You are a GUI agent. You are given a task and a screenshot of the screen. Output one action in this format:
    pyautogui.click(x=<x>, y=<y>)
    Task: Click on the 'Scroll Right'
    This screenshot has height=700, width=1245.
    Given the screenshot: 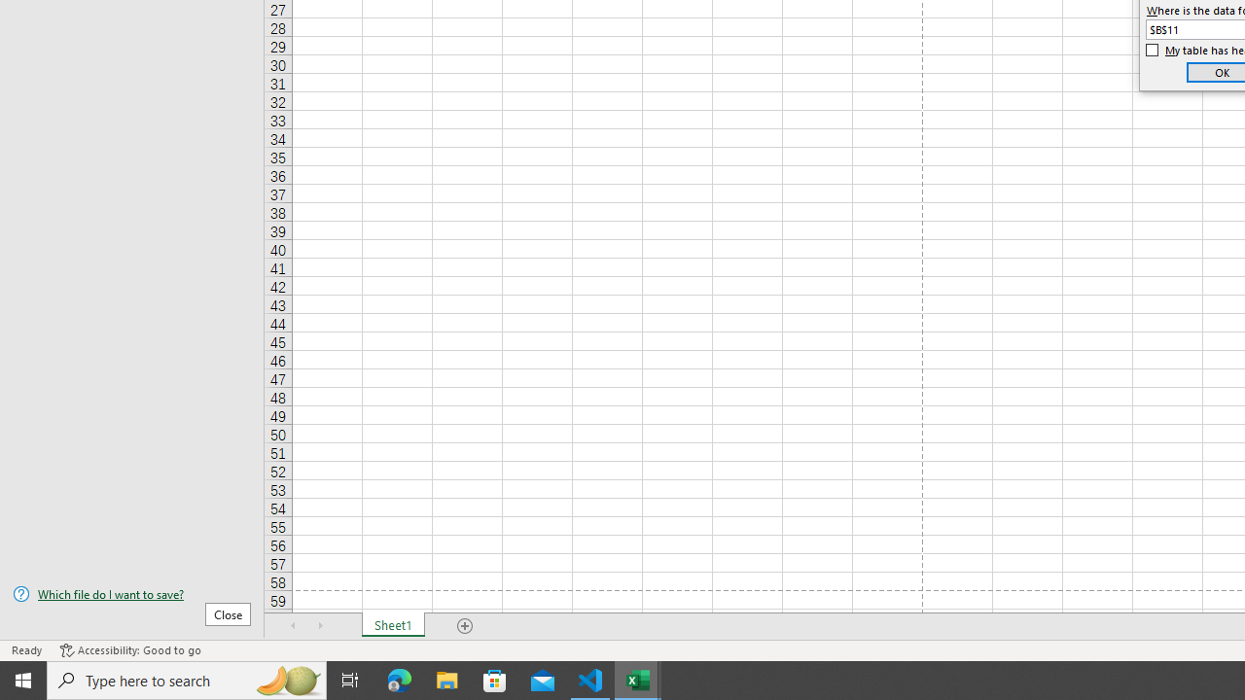 What is the action you would take?
    pyautogui.click(x=321, y=626)
    